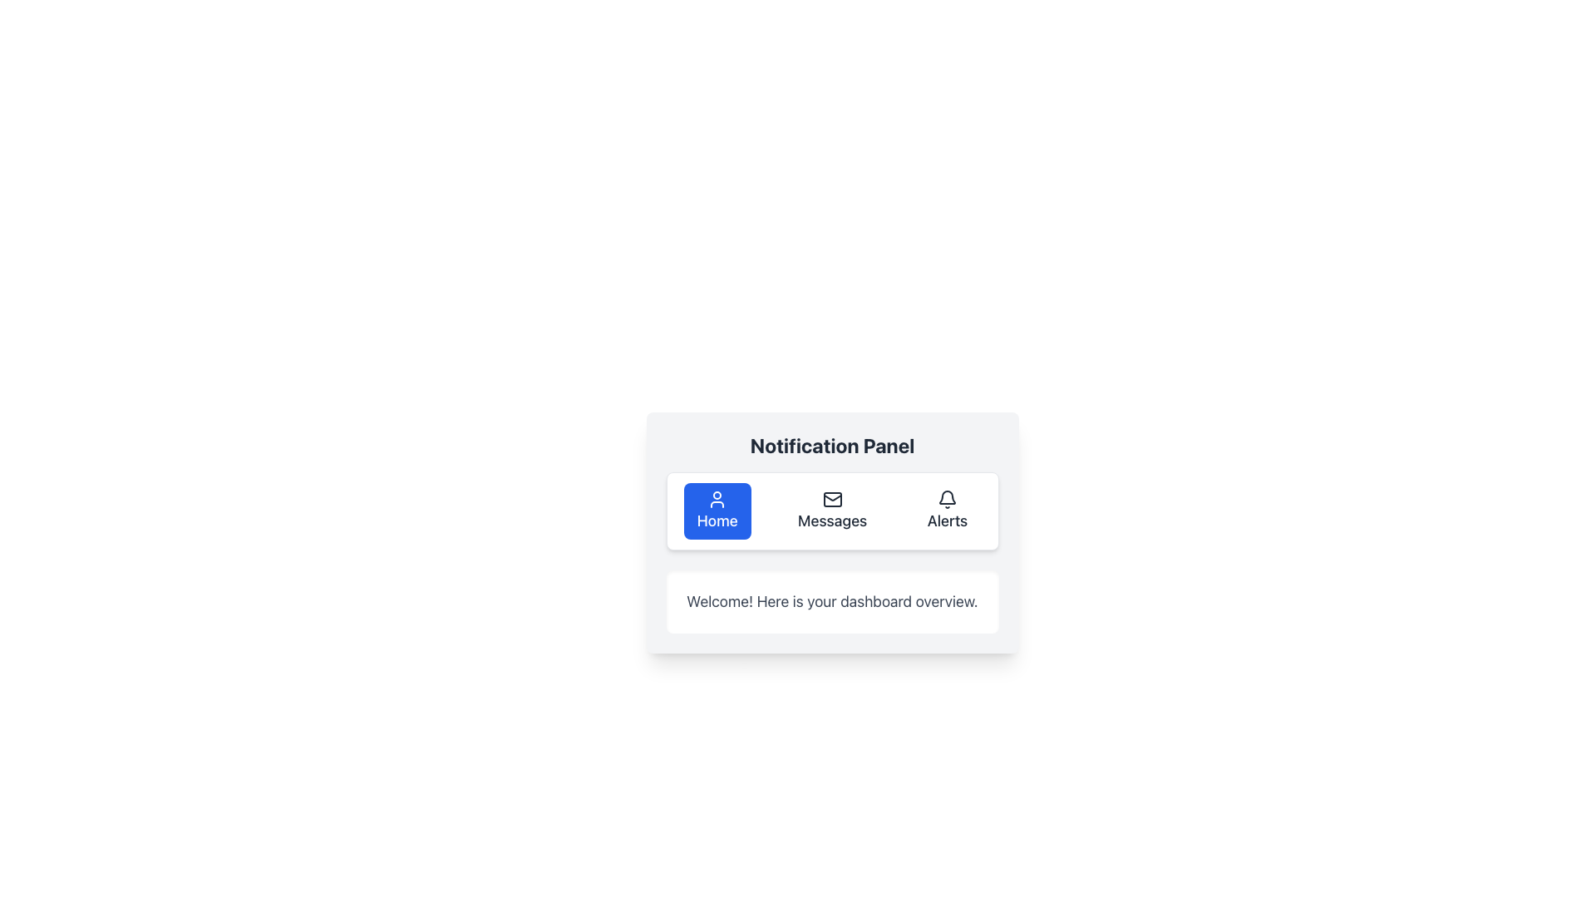 This screenshot has width=1596, height=898. I want to click on the Static text block with styled background located in the Notification Panel, positioned at the bottom of the layout, so click(832, 602).